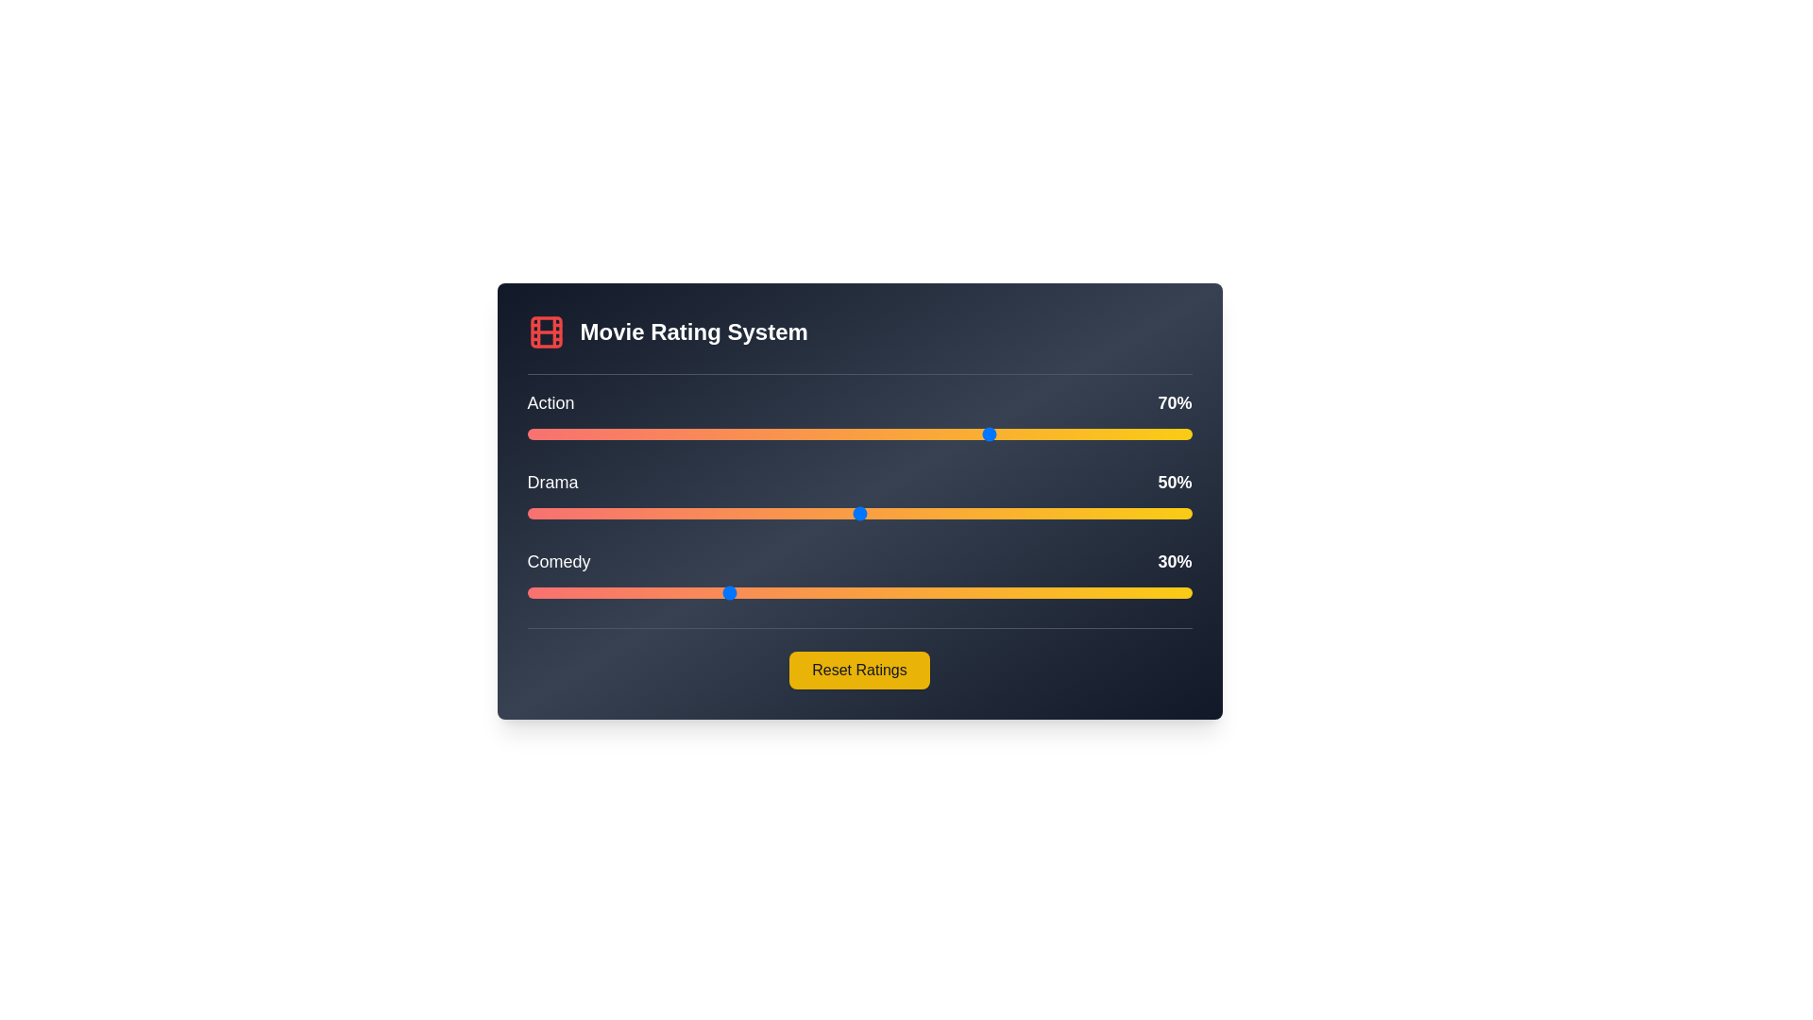 The image size is (1813, 1020). What do you see at coordinates (1171, 513) in the screenshot?
I see `the Drama genre rating to 97% by adjusting the slider` at bounding box center [1171, 513].